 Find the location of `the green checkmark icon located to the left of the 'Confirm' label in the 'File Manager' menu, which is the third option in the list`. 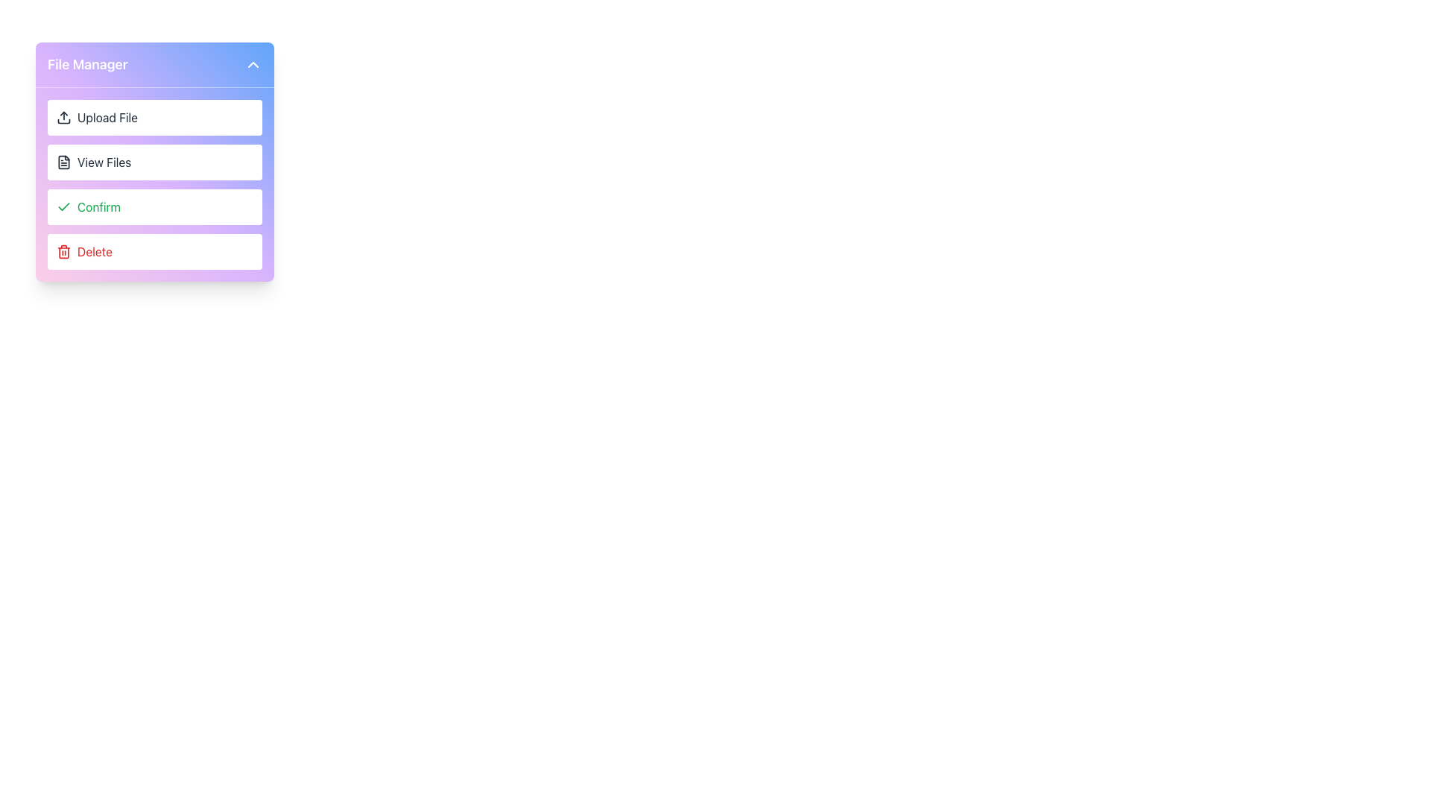

the green checkmark icon located to the left of the 'Confirm' label in the 'File Manager' menu, which is the third option in the list is located at coordinates (63, 206).